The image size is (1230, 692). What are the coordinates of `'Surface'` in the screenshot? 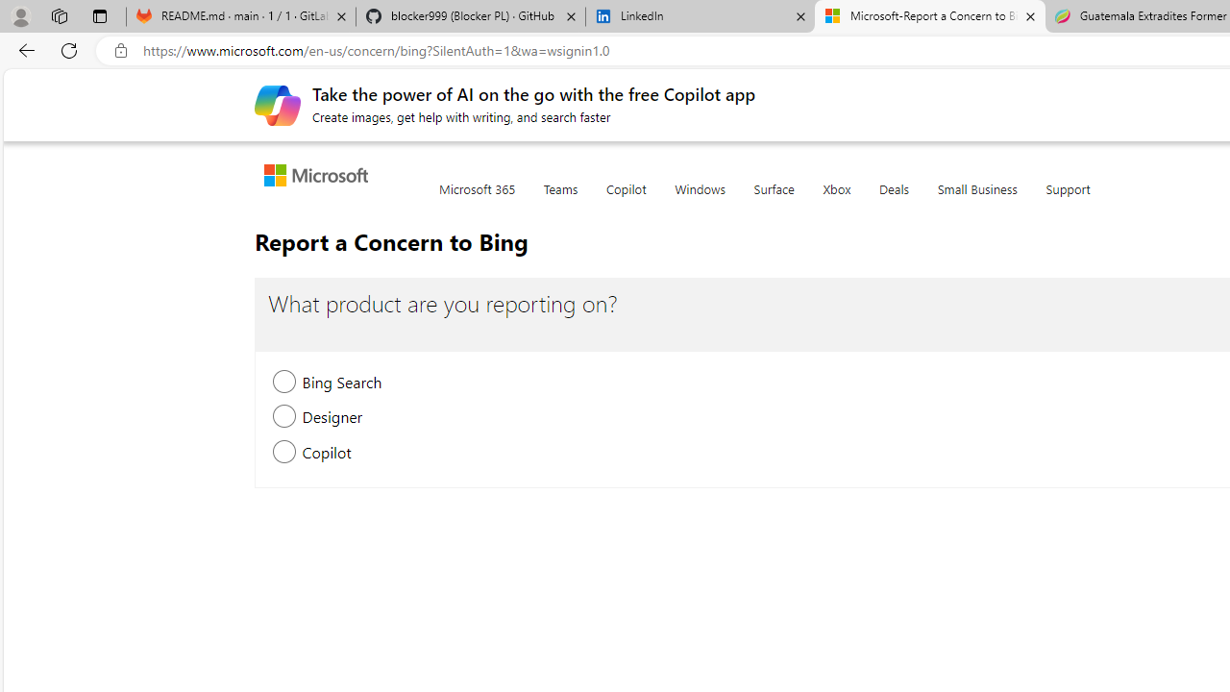 It's located at (774, 200).